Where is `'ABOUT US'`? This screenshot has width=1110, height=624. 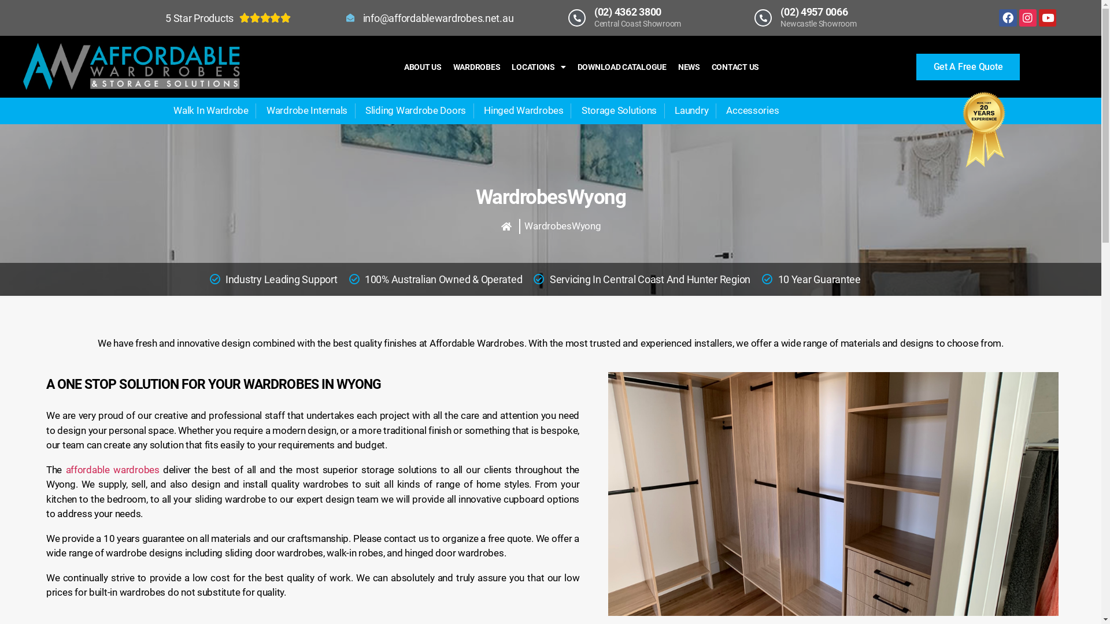
'ABOUT US' is located at coordinates (398, 66).